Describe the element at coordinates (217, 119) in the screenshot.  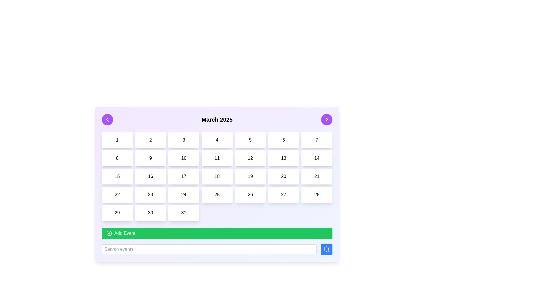
I see `the header text label of the calendar interface that indicates the currently displayed month and year` at that location.